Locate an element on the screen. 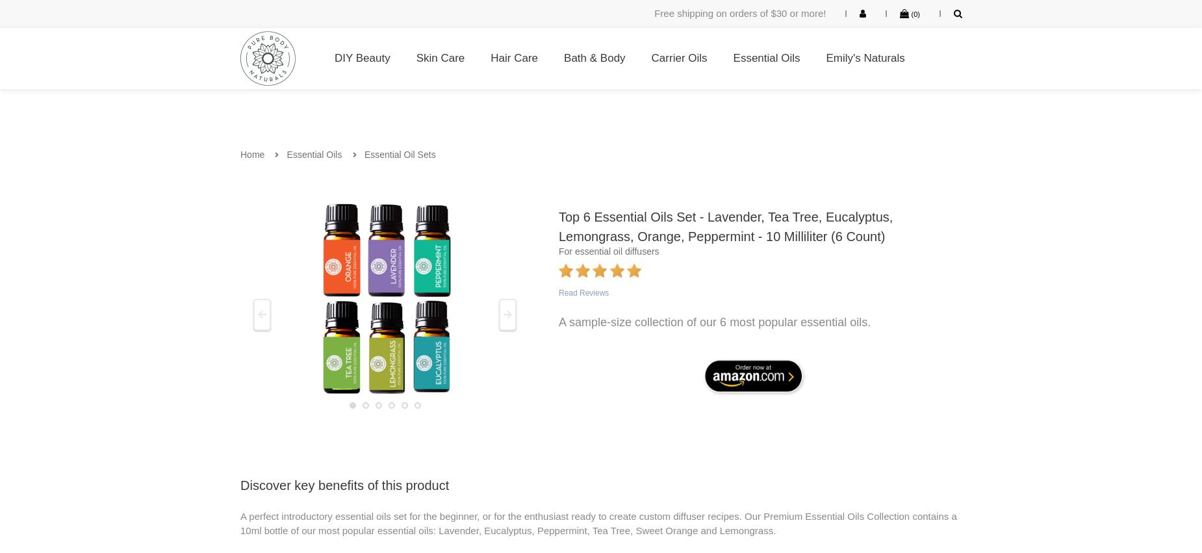 Image resolution: width=1202 pixels, height=553 pixels. 'Top 6 Essential Oils Set - Lavender, Tea Tree, Eucalyptus, Lemongrass, Orange, Peppermint - 10 Milliliter (6 Count)' is located at coordinates (725, 225).